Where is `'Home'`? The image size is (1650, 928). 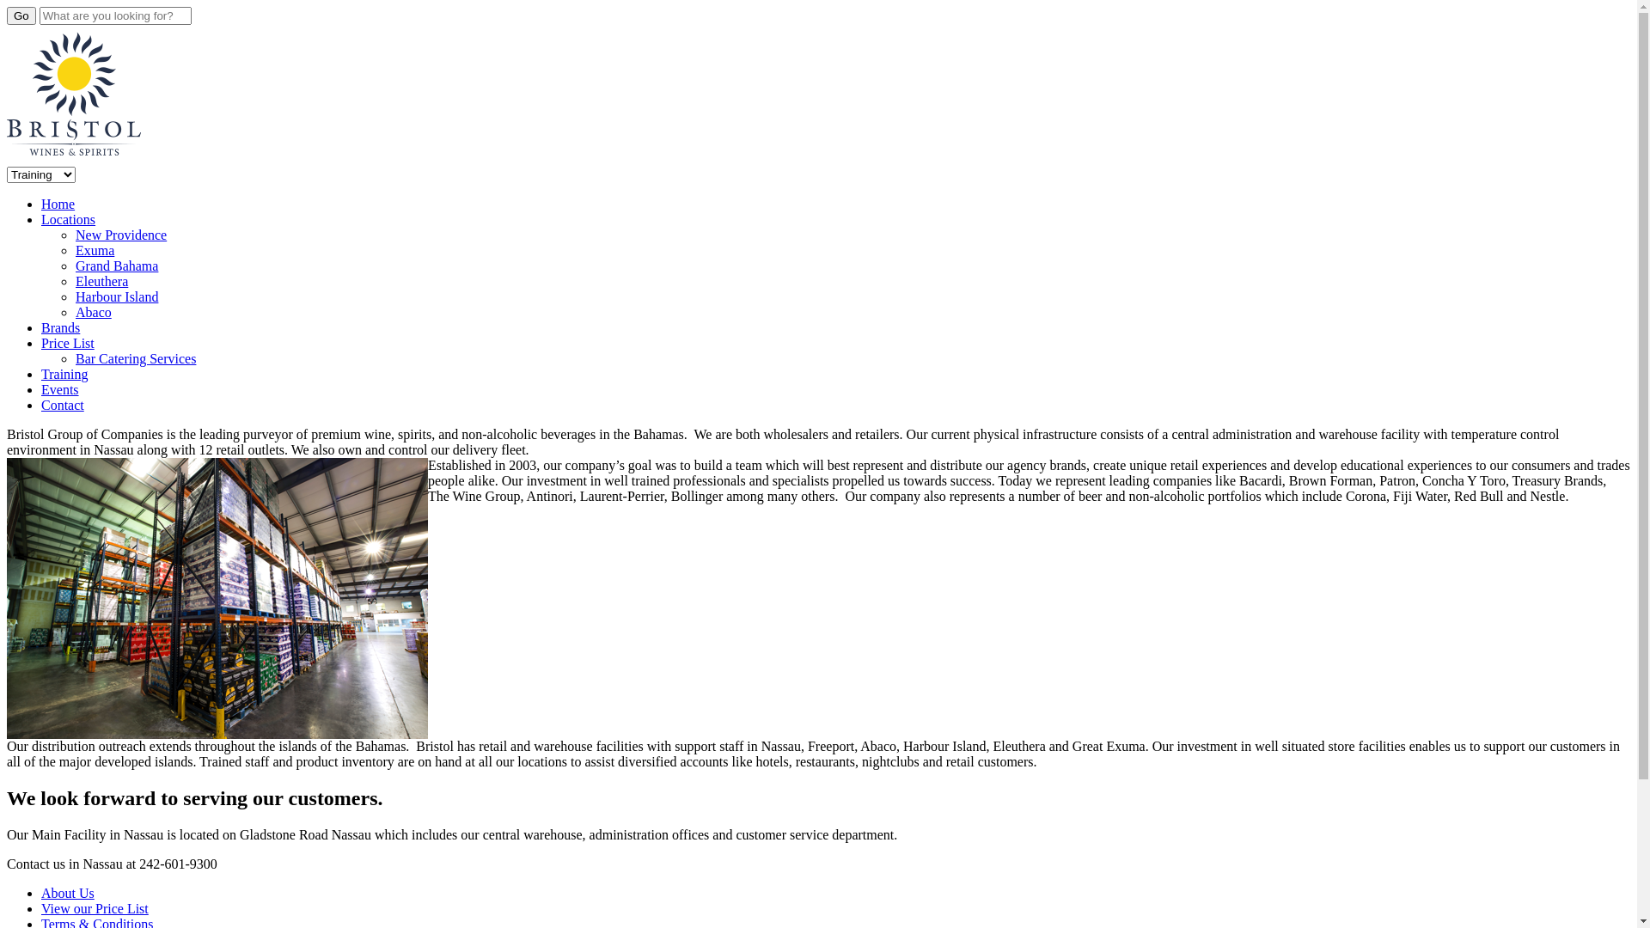 'Home' is located at coordinates (58, 203).